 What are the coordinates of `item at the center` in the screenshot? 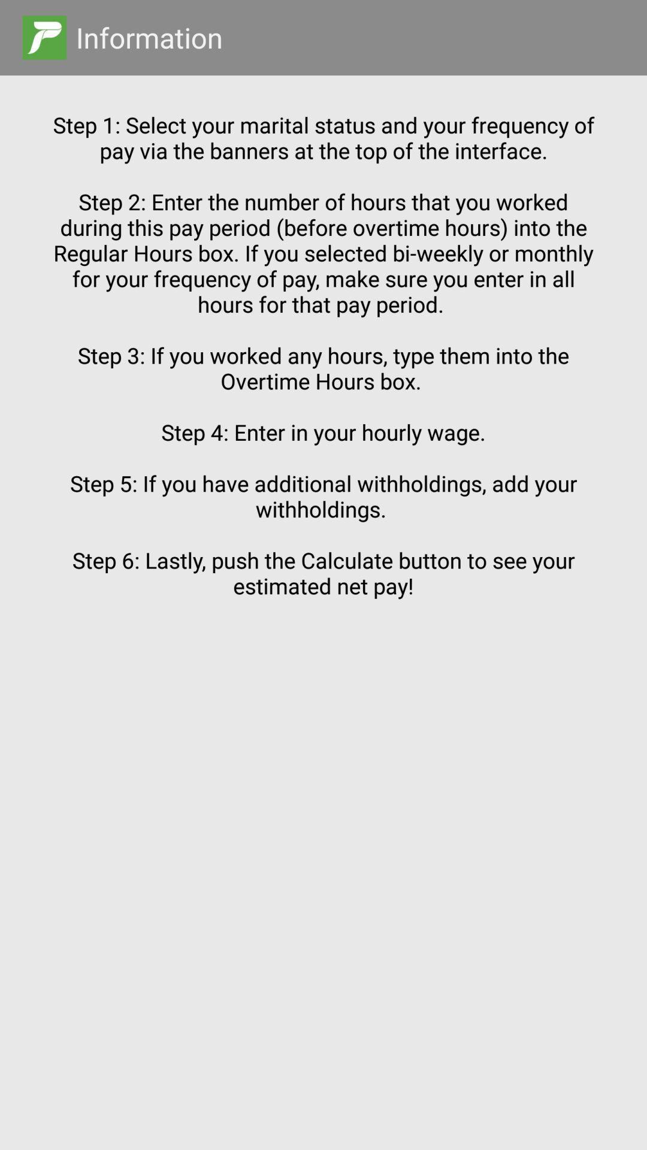 It's located at (323, 591).